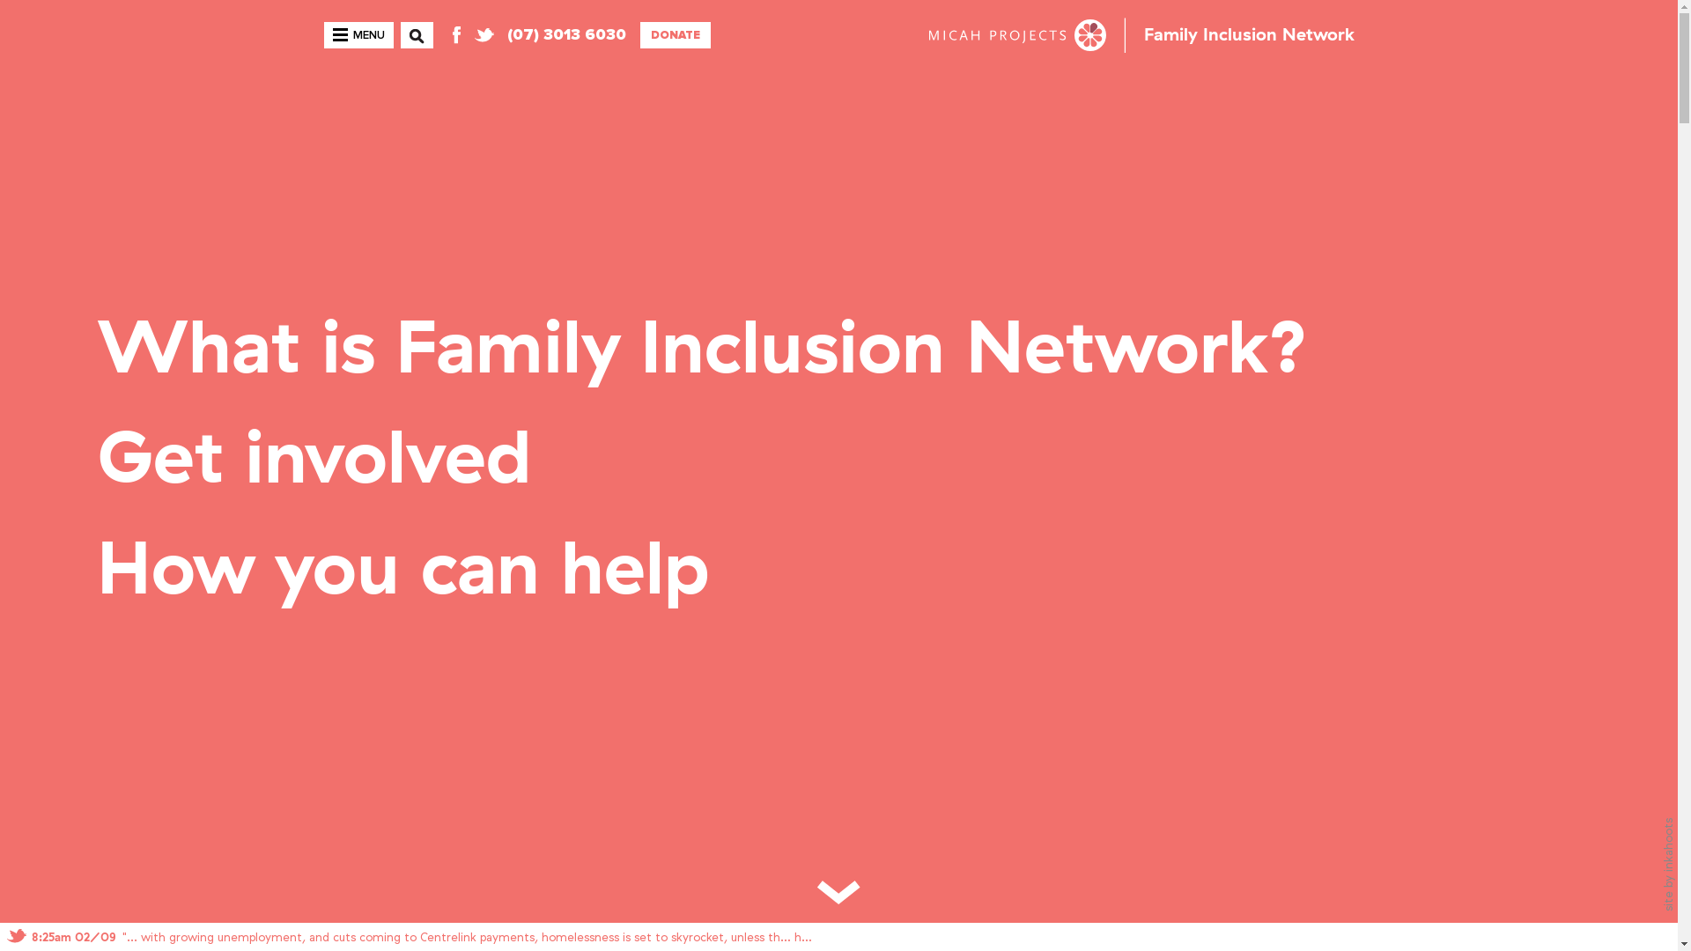 The width and height of the screenshot is (1691, 951). Describe the element at coordinates (402, 571) in the screenshot. I see `'How you can help'` at that location.